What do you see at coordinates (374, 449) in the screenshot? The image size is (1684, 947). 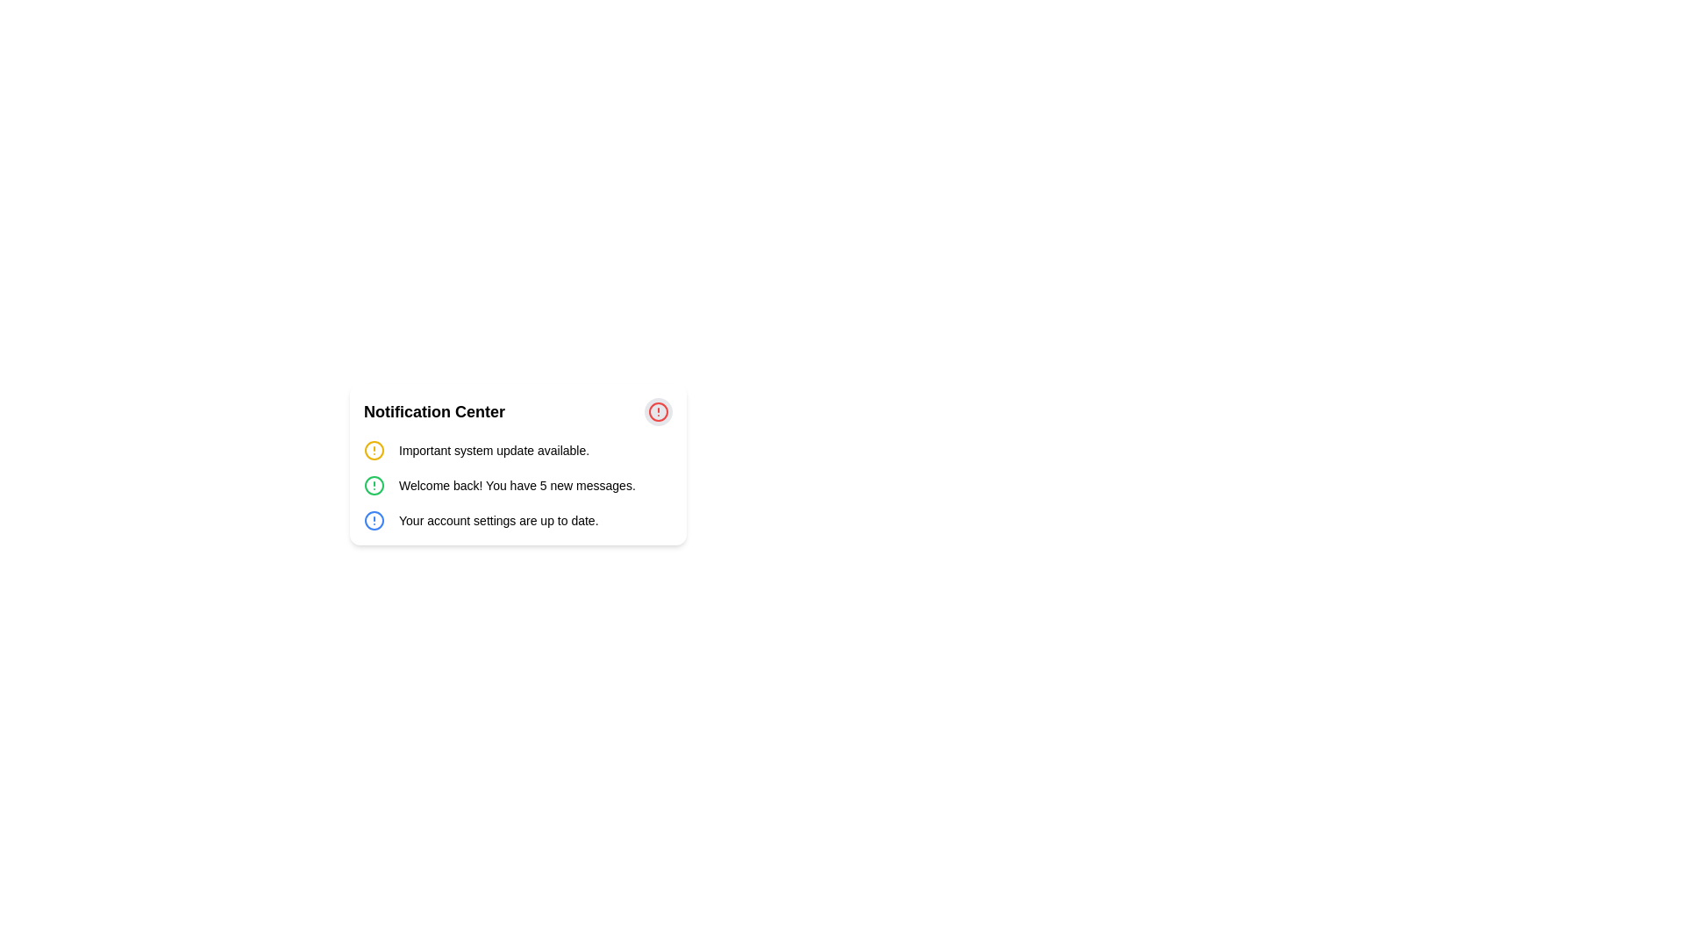 I see `the warning icon that represents an alert message in the Notification Center, which is the leftmost item in the first notification entry aligned with the text 'Important system update available.'` at bounding box center [374, 449].